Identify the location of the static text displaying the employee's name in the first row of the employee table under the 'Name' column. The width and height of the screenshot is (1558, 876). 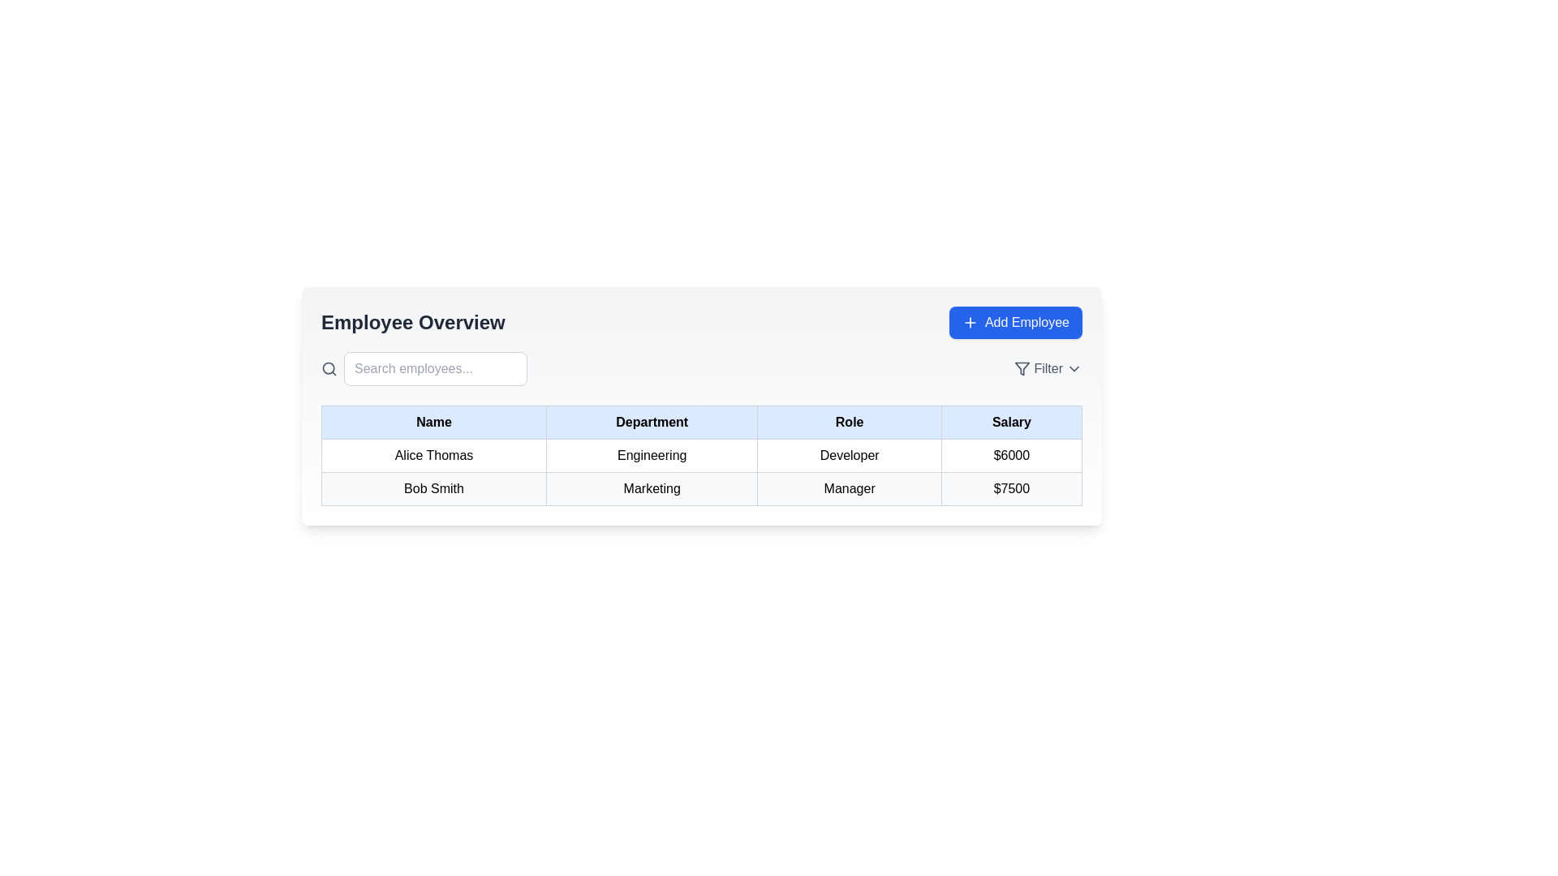
(433, 456).